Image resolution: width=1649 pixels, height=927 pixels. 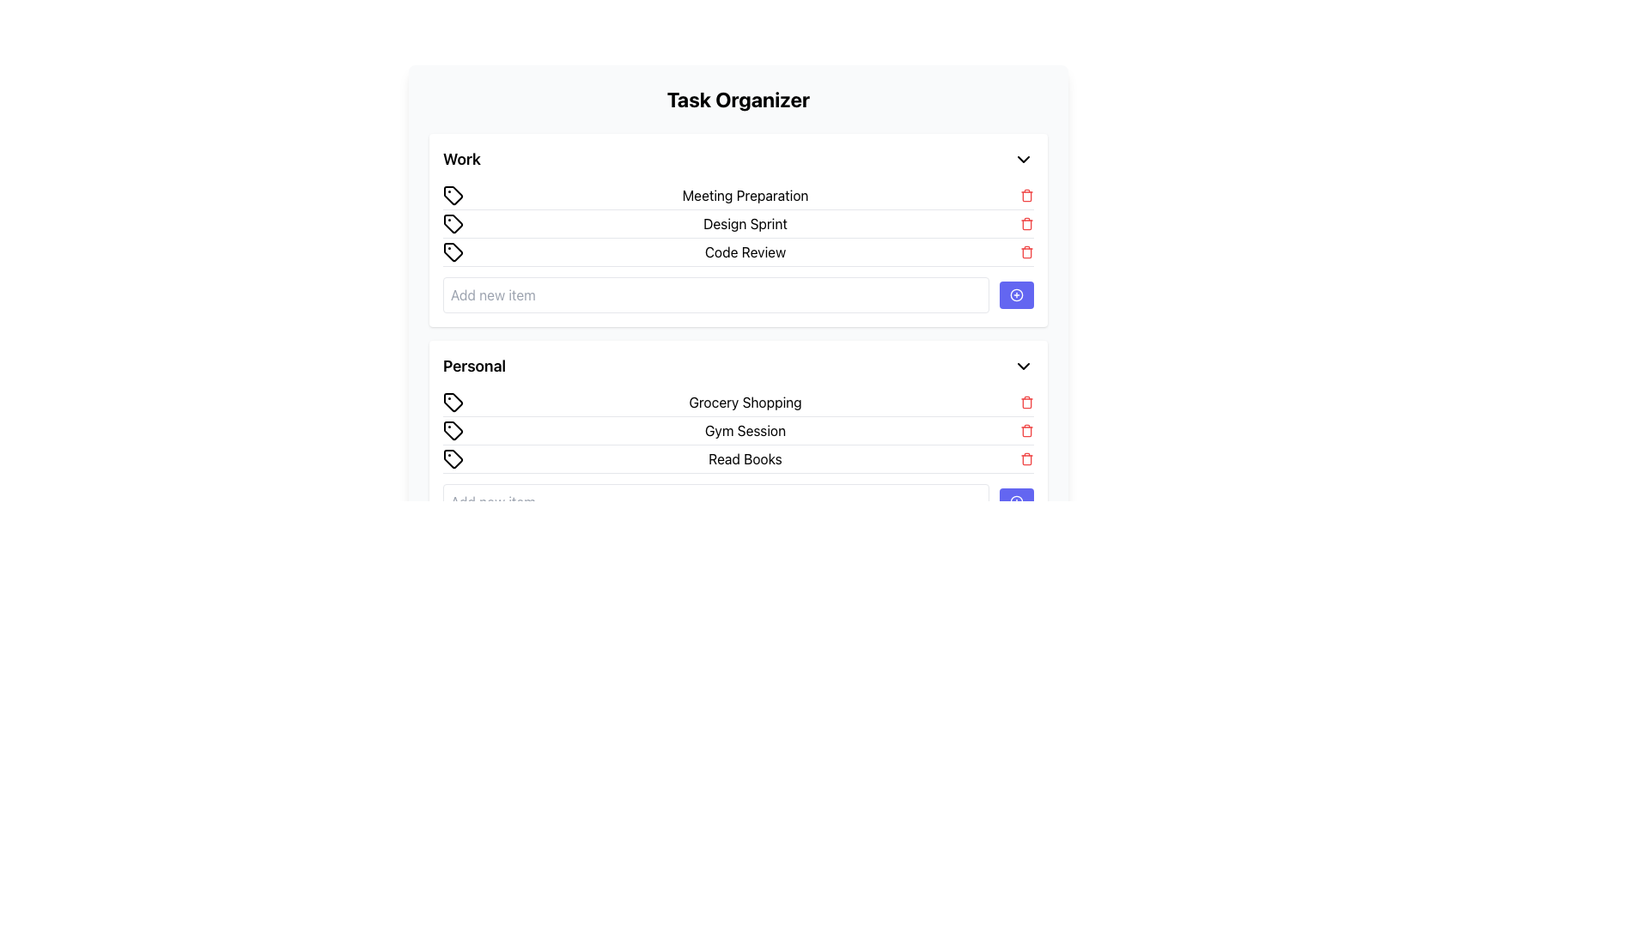 I want to click on the add symbol icon, which is a small circular icon with a plus sign inside, located within a blue button, so click(x=1017, y=502).